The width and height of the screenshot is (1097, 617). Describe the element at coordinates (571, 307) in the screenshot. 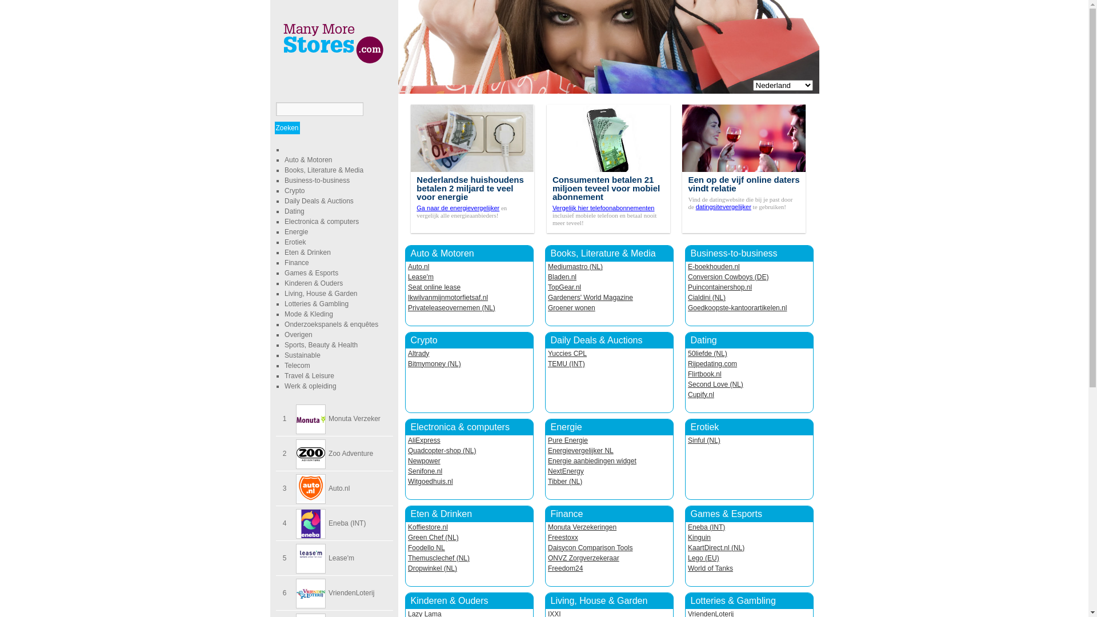

I see `'Groener wonen'` at that location.